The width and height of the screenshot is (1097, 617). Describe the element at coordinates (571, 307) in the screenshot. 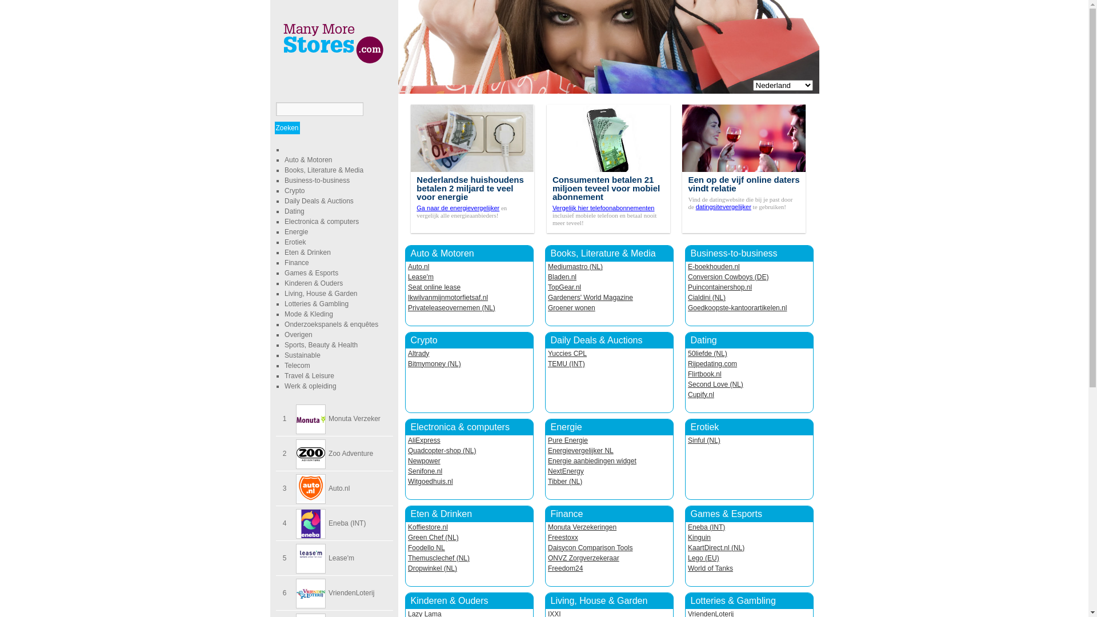

I see `'Groener wonen'` at that location.